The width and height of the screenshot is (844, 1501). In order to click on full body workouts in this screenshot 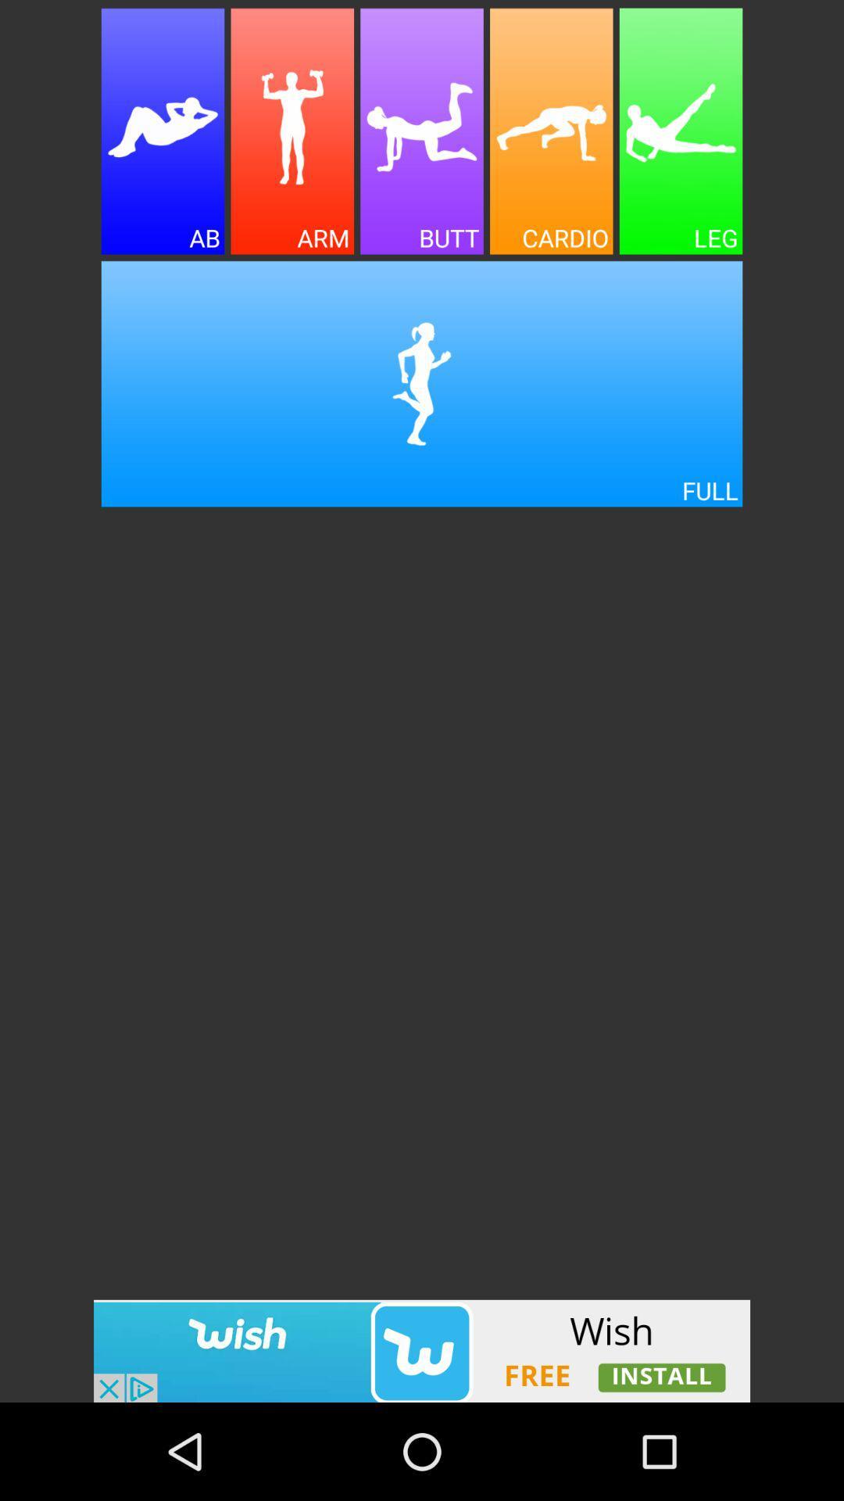, I will do `click(422, 384)`.